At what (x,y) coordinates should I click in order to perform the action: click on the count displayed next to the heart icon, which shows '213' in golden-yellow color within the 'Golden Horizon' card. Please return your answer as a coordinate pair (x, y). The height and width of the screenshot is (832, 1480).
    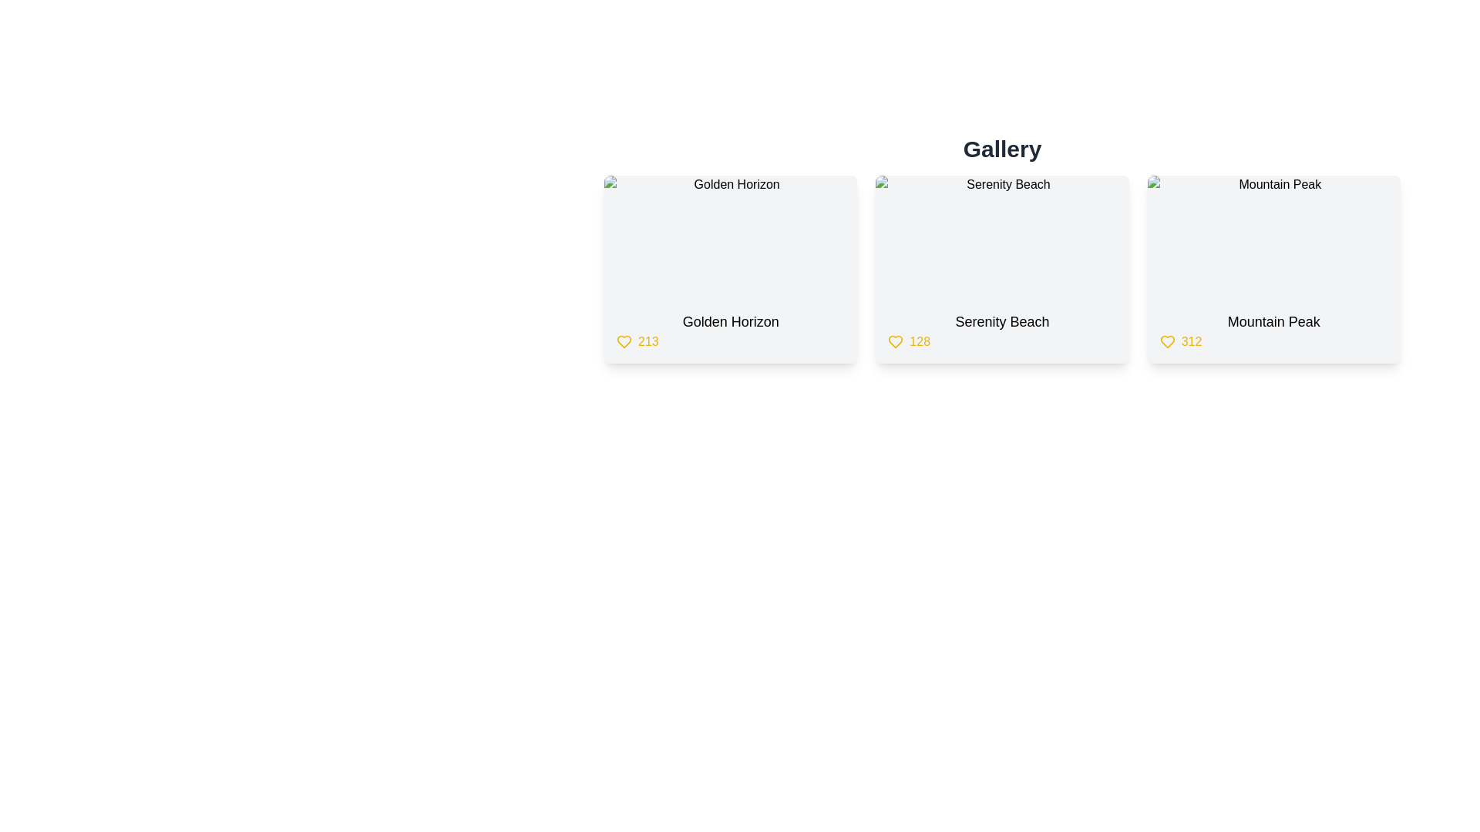
    Looking at the image, I should click on (730, 341).